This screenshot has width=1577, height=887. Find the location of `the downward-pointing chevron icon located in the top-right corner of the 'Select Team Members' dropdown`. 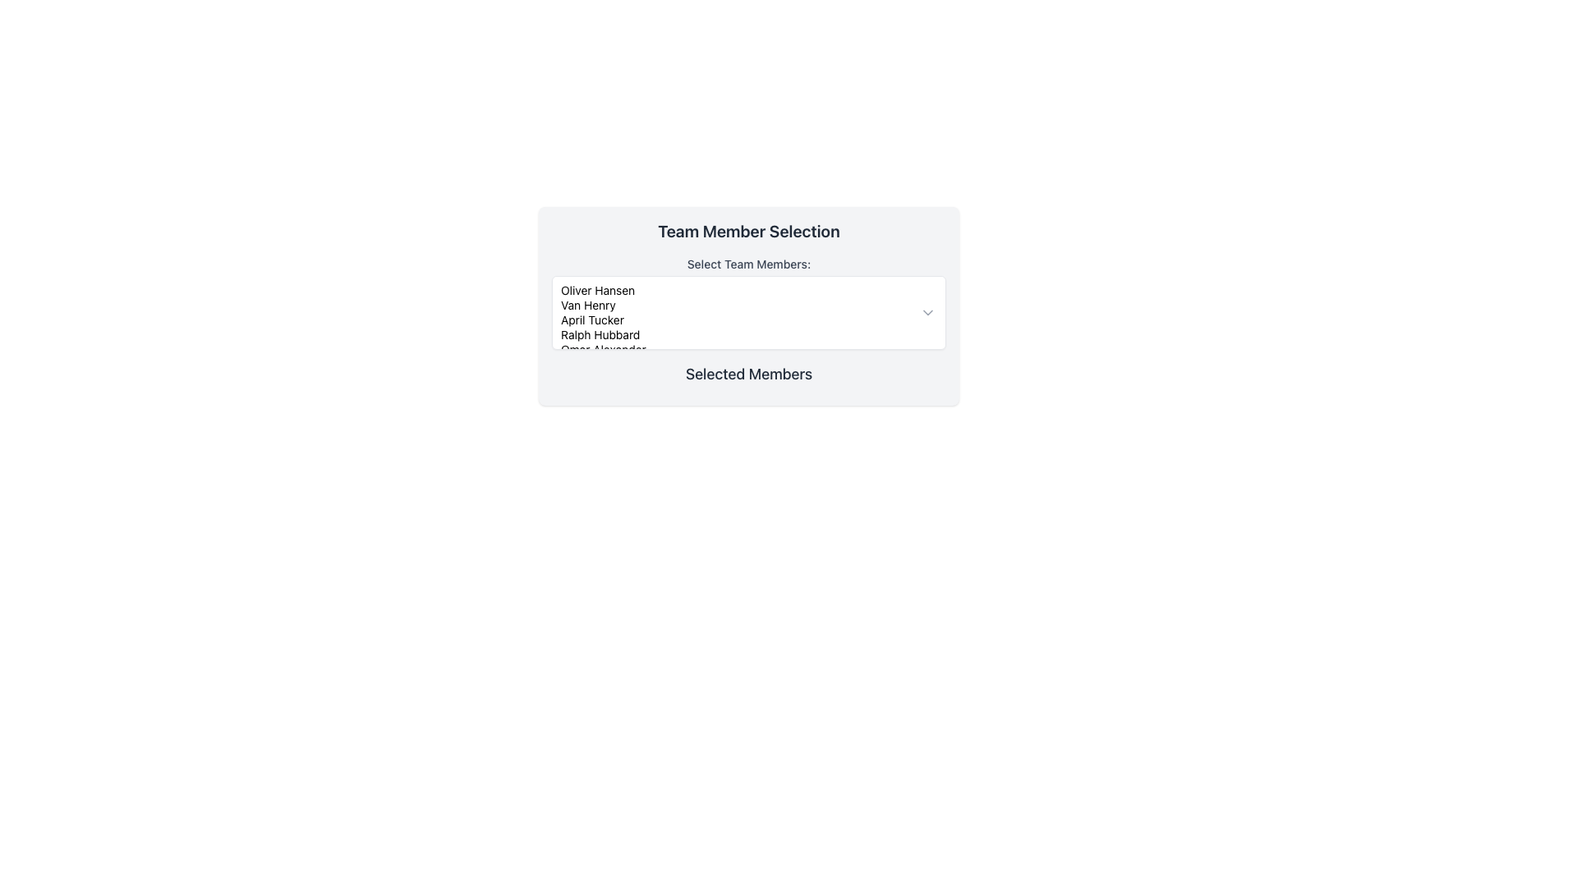

the downward-pointing chevron icon located in the top-right corner of the 'Select Team Members' dropdown is located at coordinates (927, 313).